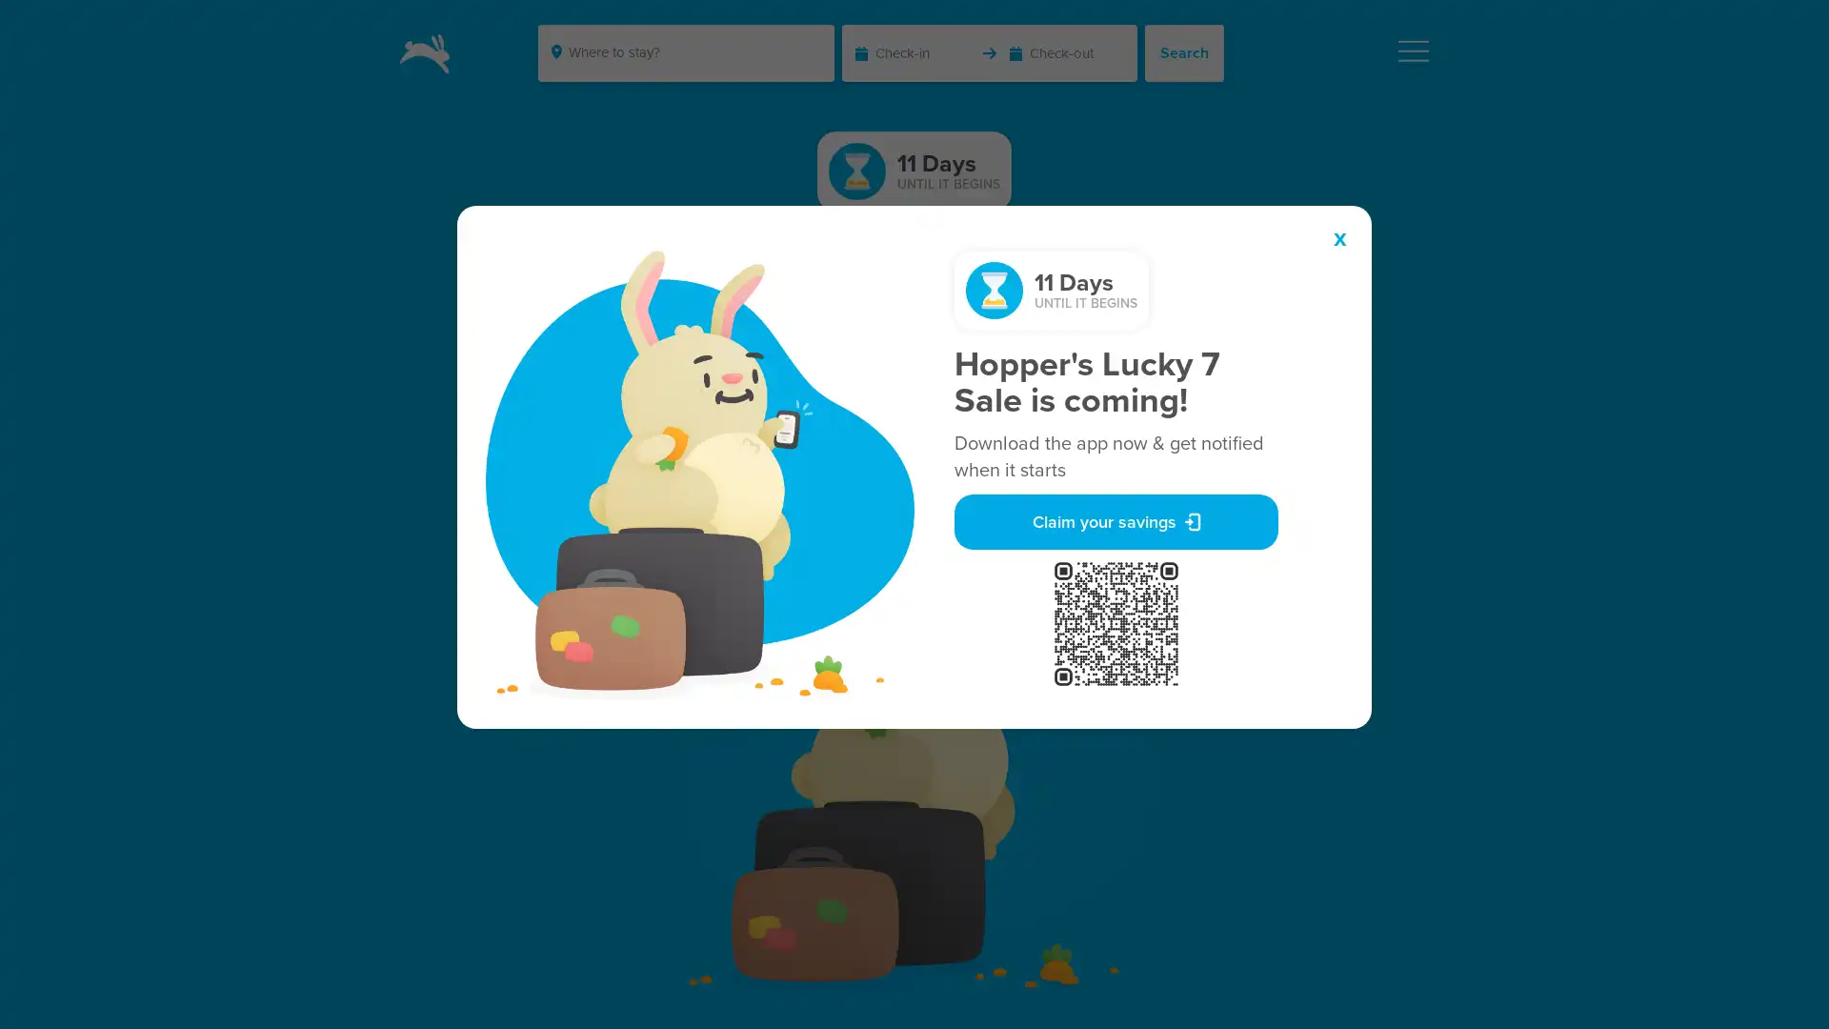 This screenshot has height=1029, width=1829. What do you see at coordinates (1115, 521) in the screenshot?
I see `Claim your savings` at bounding box center [1115, 521].